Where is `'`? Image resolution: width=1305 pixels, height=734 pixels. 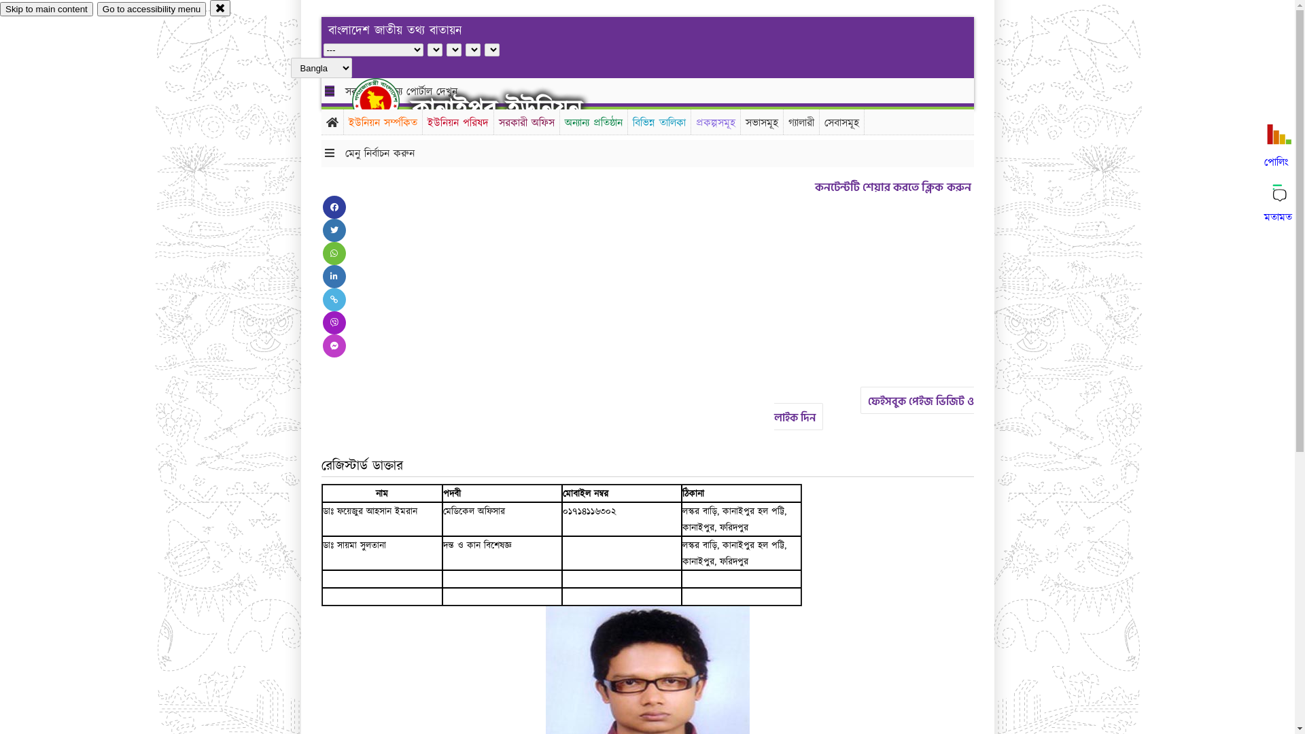 ' is located at coordinates (387, 101).